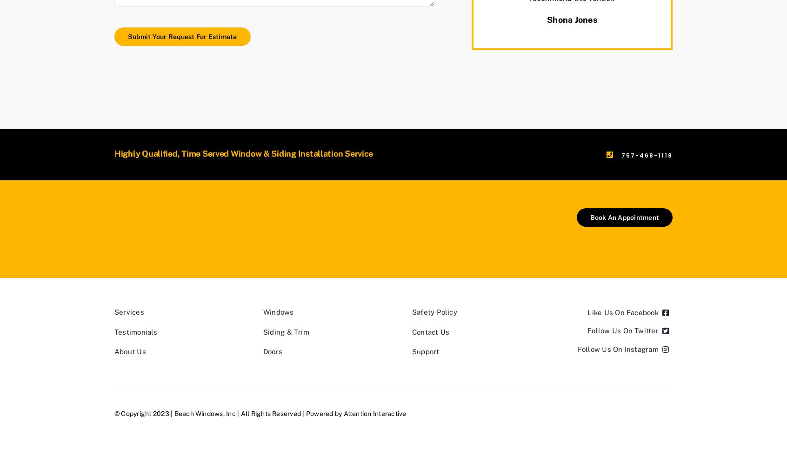  I want to click on 'Follow Us On Twitter', so click(622, 330).